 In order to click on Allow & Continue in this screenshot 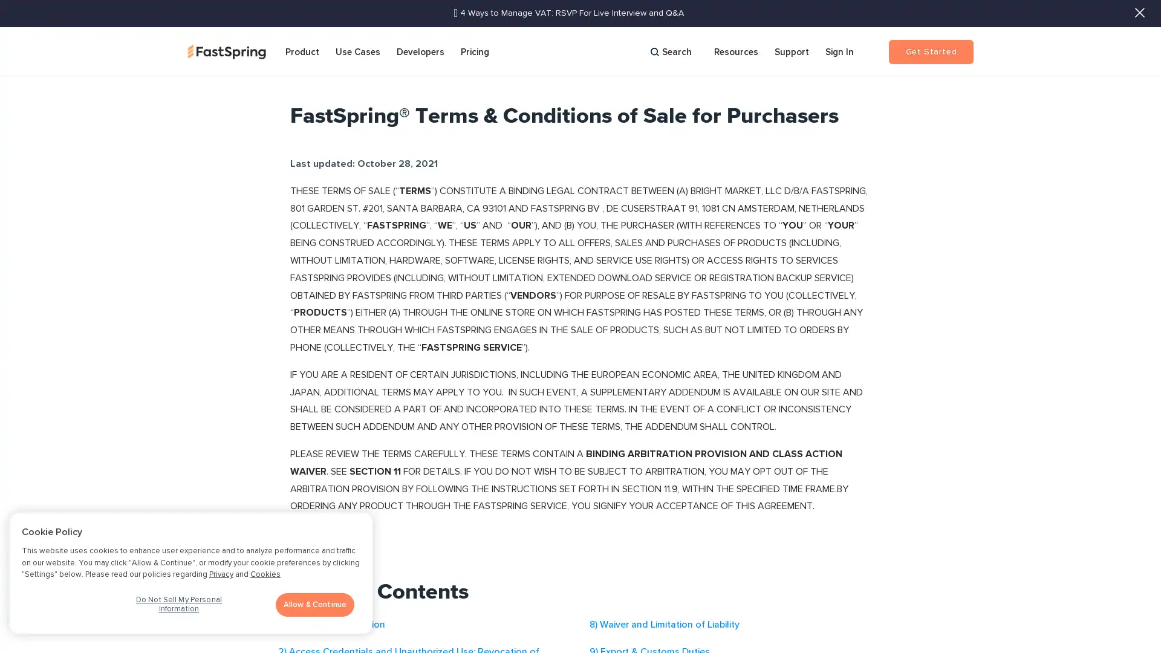, I will do `click(315, 604)`.